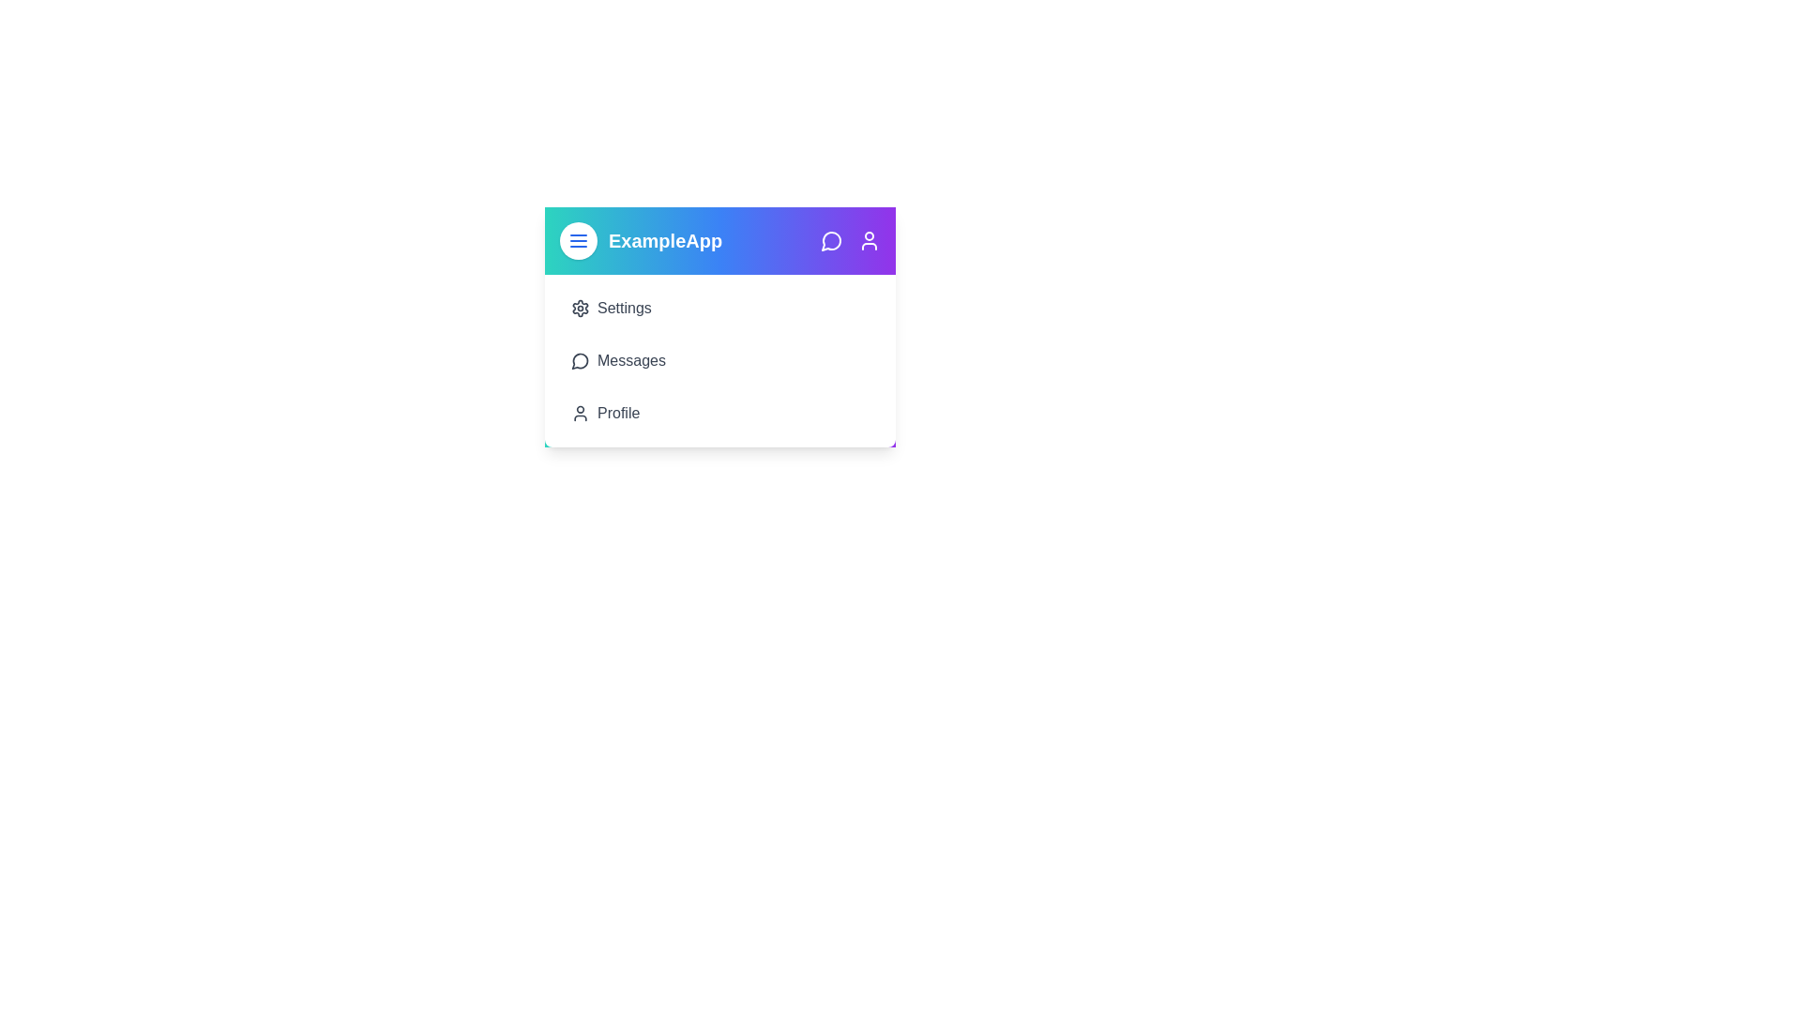  What do you see at coordinates (719, 307) in the screenshot?
I see `the Settings menu item` at bounding box center [719, 307].